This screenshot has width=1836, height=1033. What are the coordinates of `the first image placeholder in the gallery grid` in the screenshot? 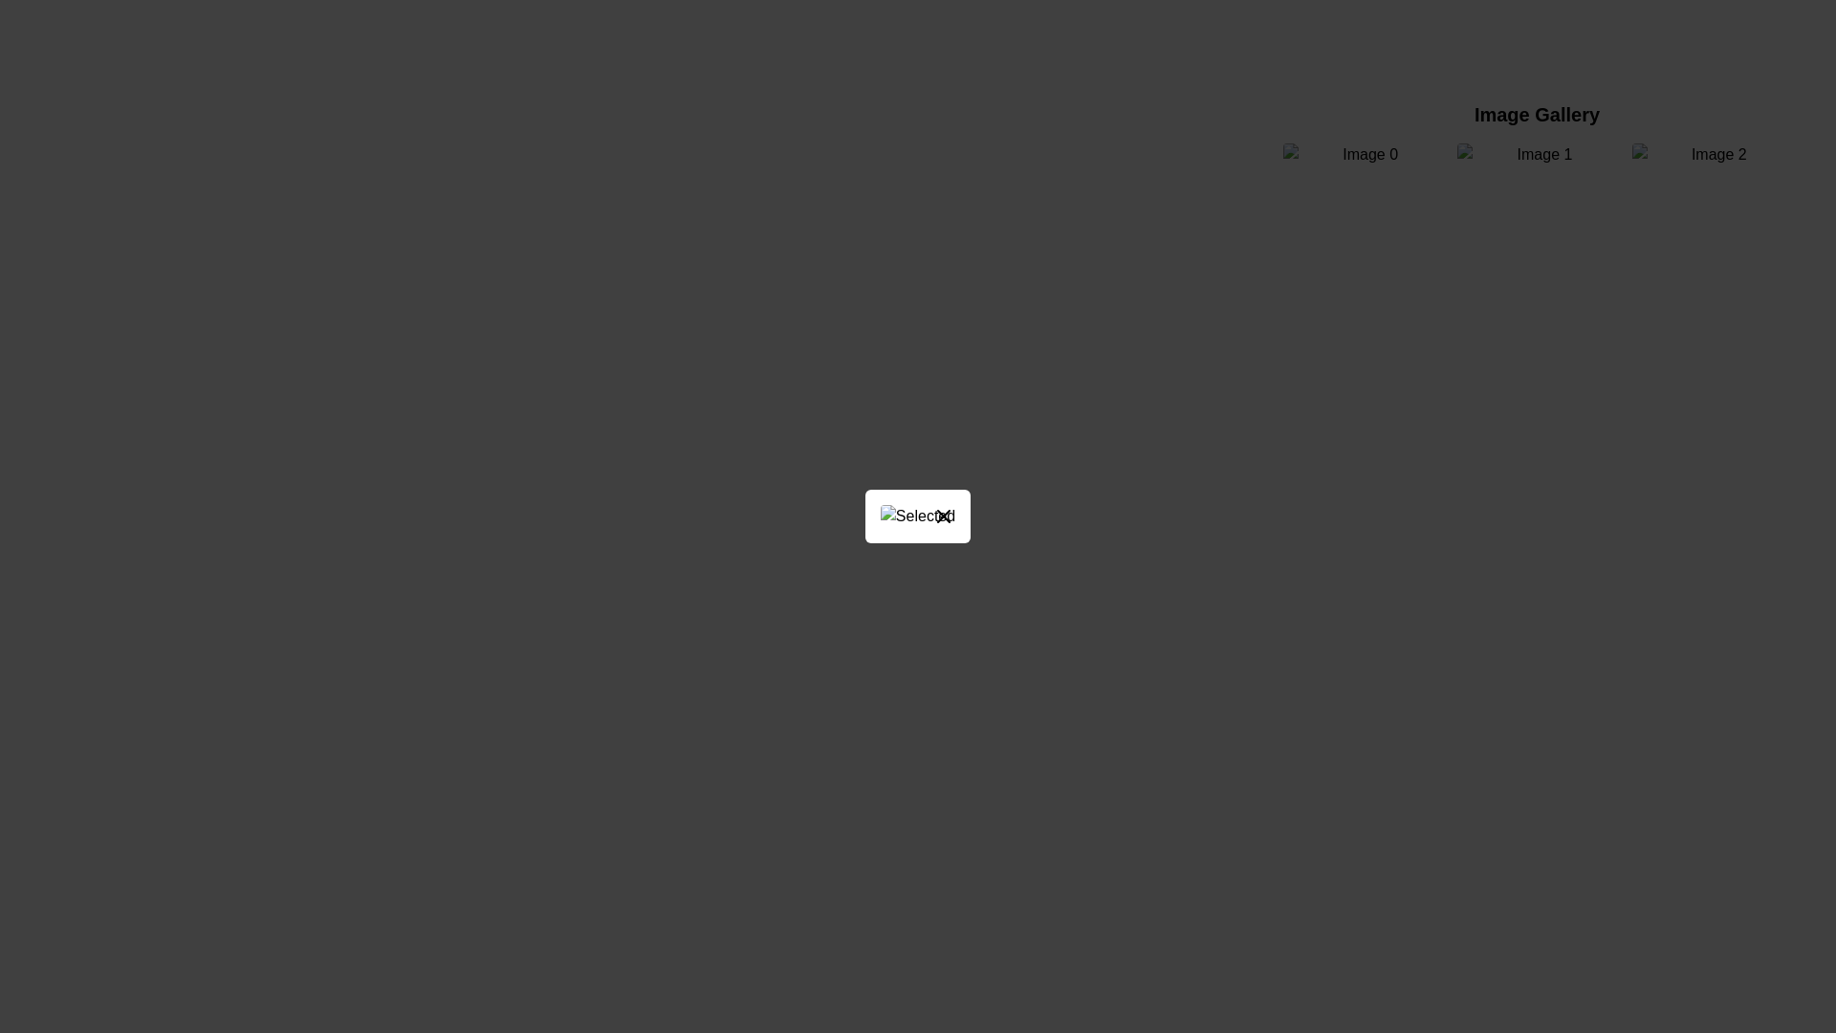 It's located at (1362, 154).